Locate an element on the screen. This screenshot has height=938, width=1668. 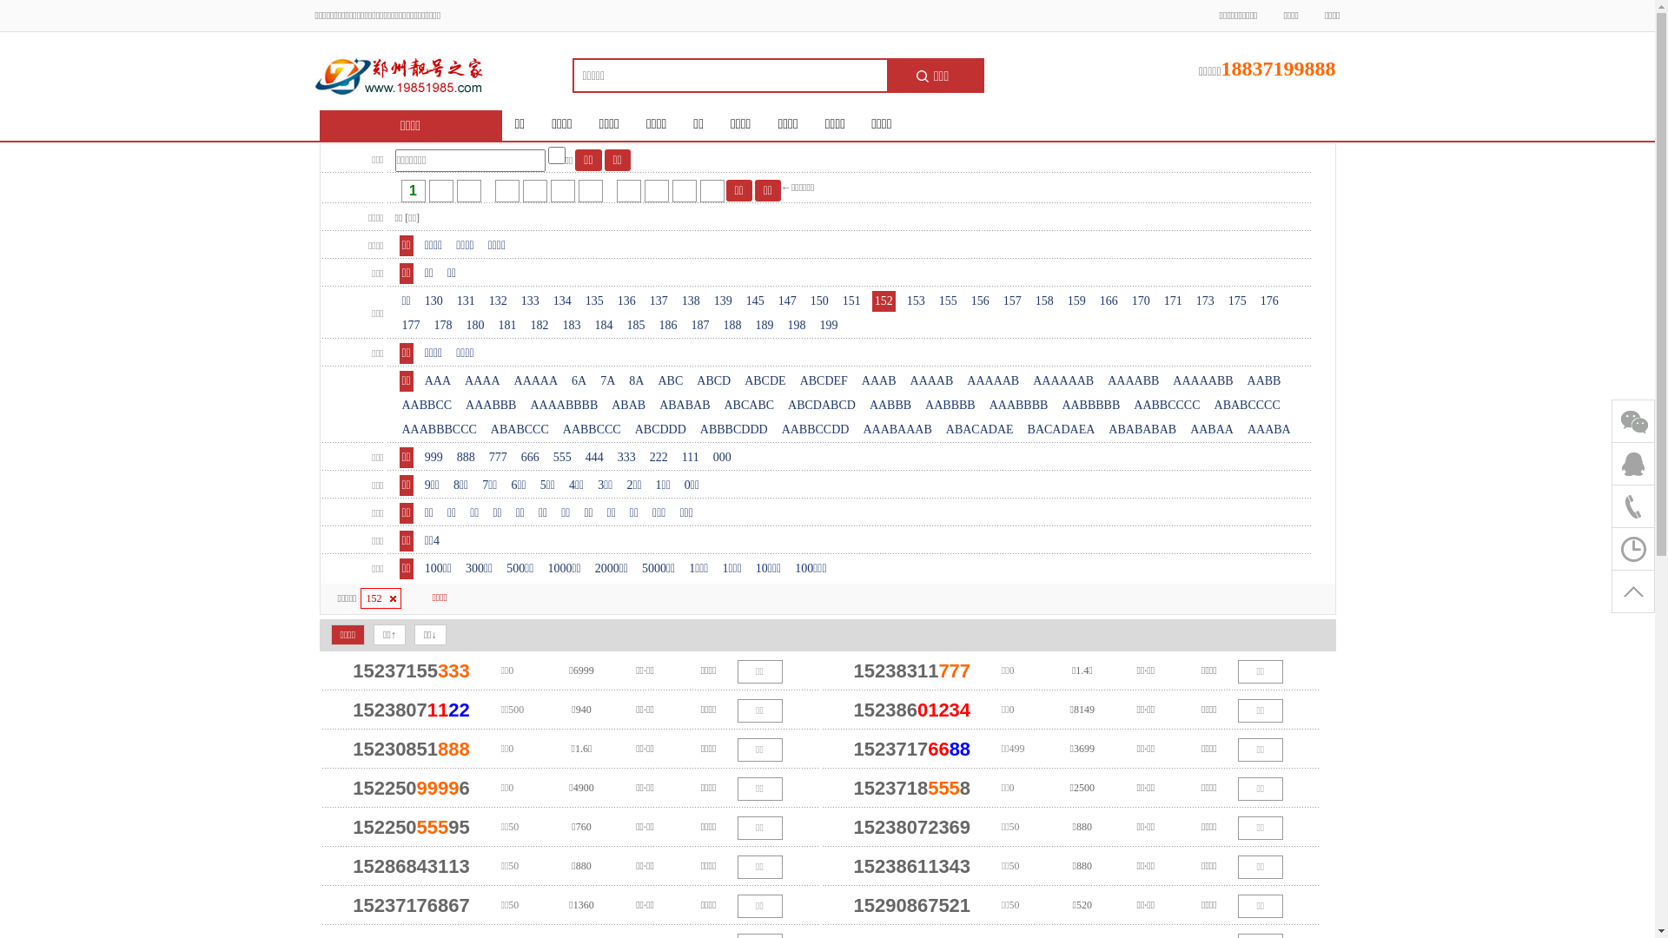
'151' is located at coordinates (851, 301).